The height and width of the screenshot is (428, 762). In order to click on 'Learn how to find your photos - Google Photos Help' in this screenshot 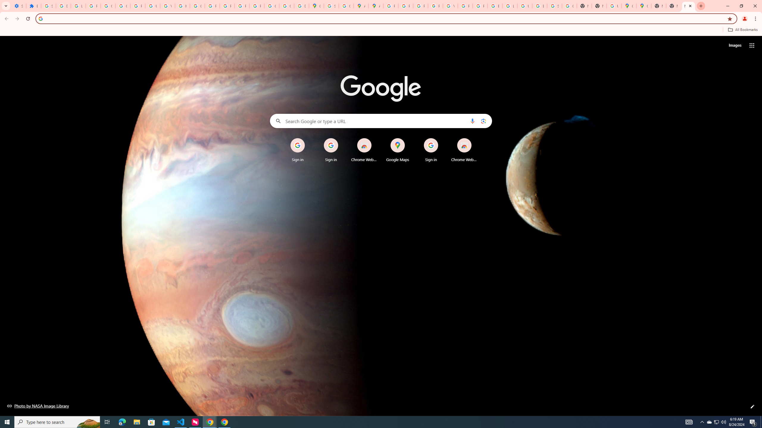, I will do `click(78, 6)`.